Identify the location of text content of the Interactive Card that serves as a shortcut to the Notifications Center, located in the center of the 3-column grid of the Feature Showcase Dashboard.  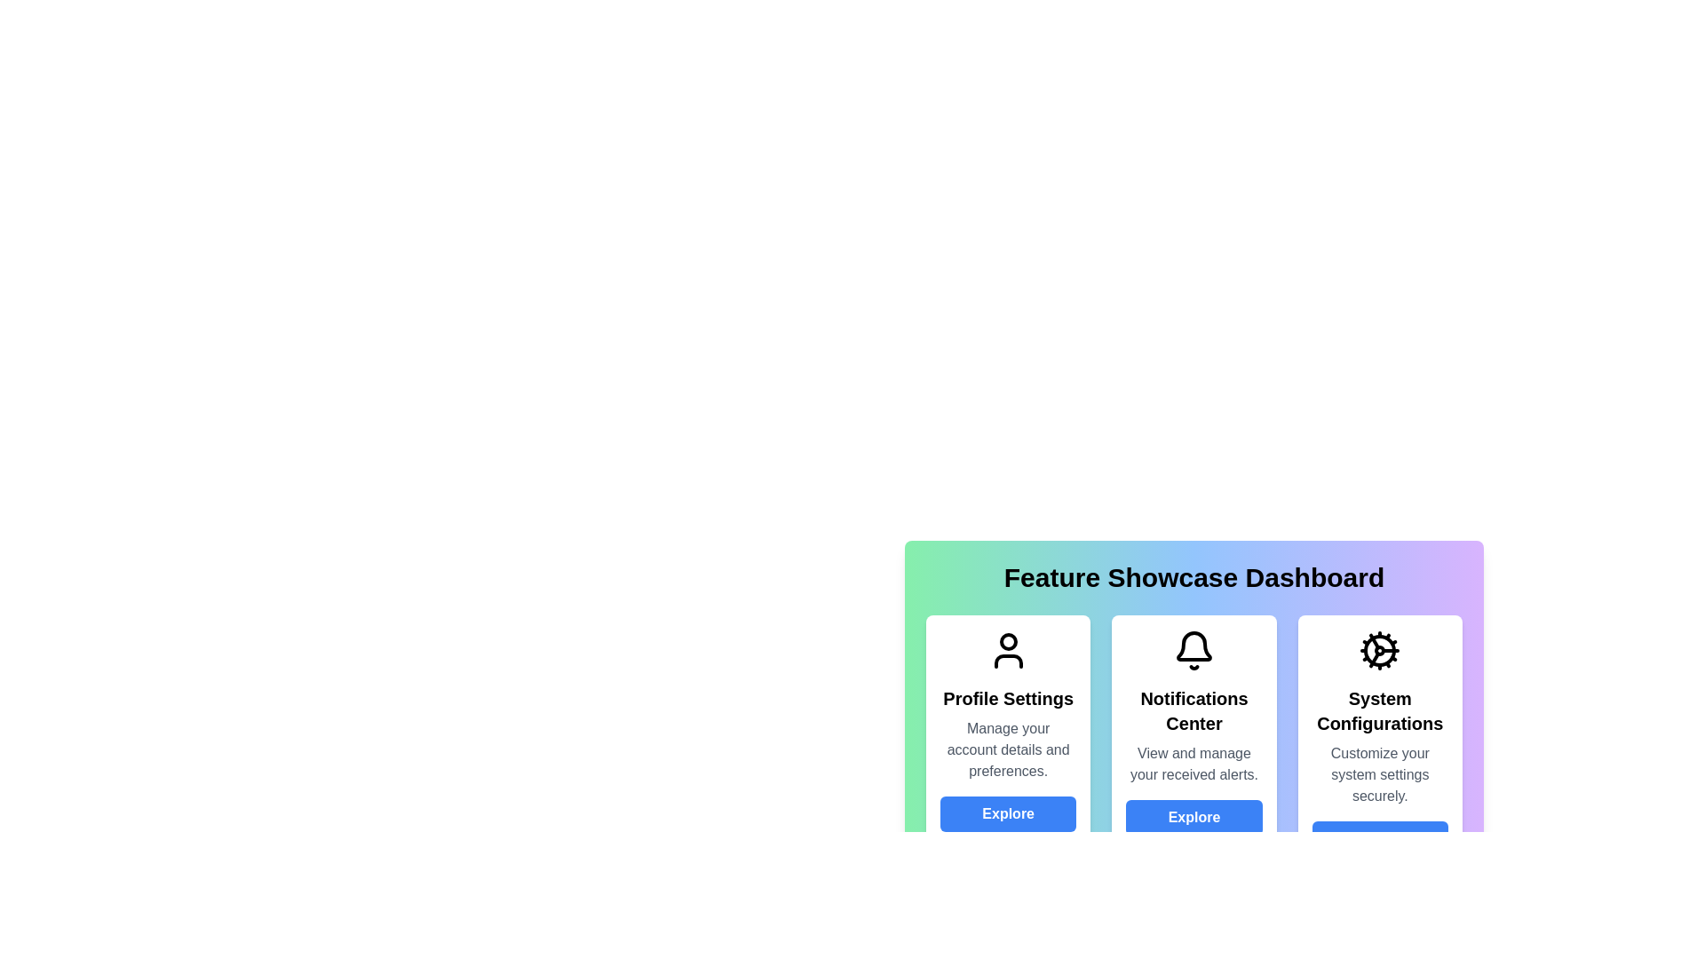
(1193, 743).